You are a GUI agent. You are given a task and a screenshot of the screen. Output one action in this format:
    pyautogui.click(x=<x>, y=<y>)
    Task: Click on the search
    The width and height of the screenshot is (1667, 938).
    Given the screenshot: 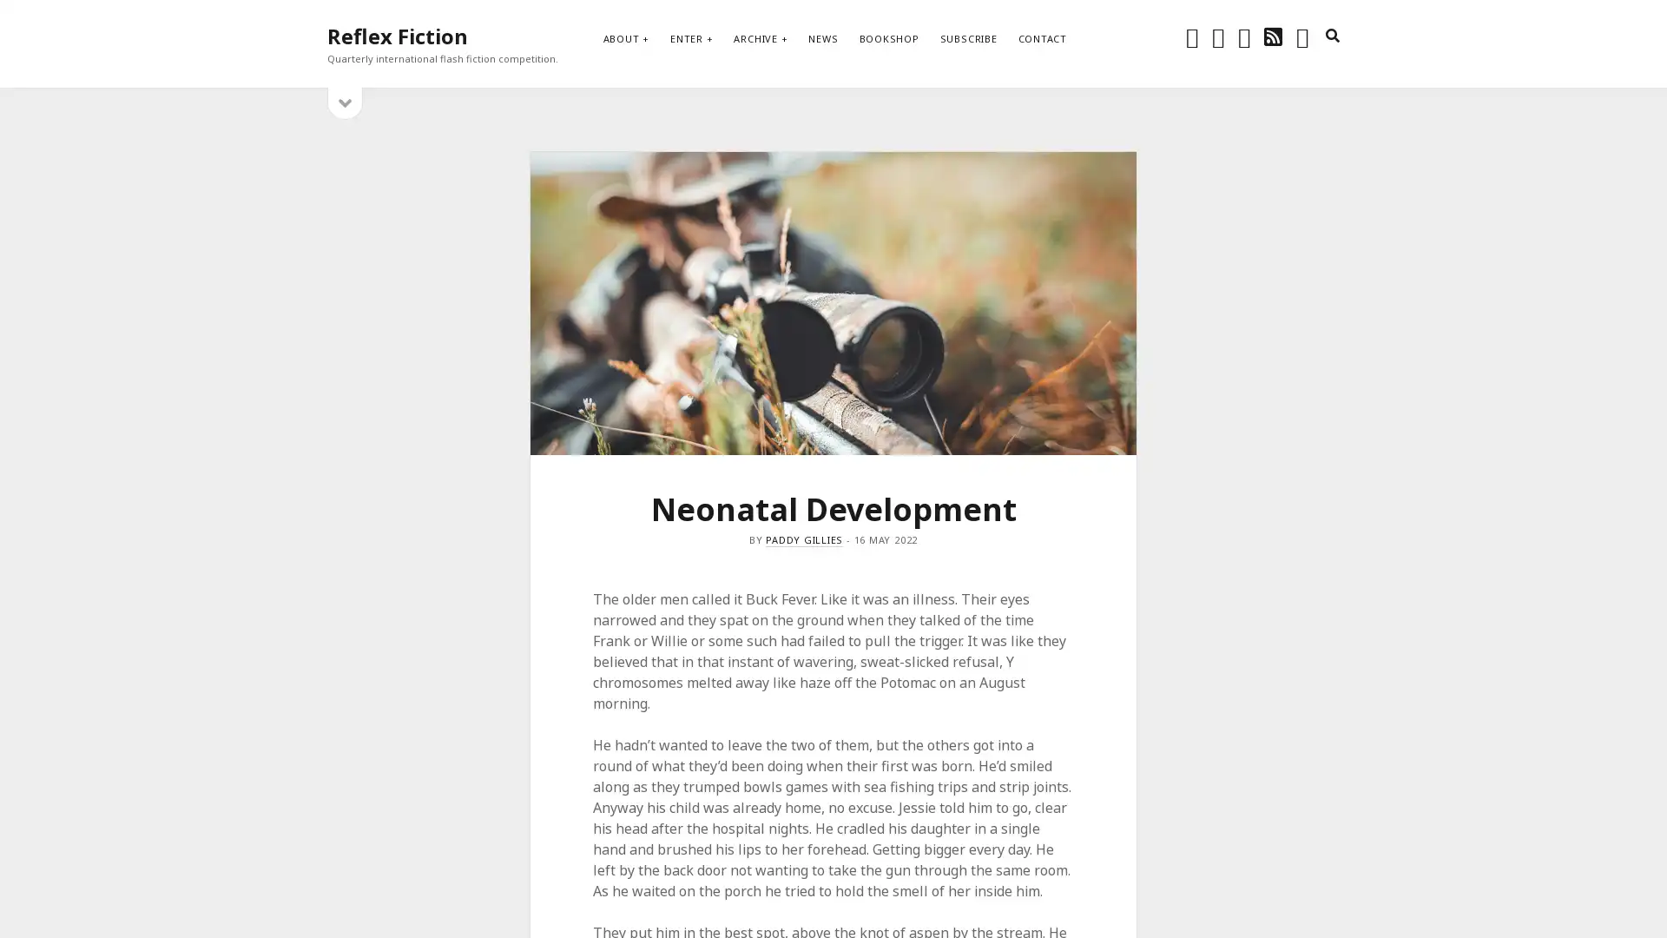 What is the action you would take?
    pyautogui.click(x=1332, y=36)
    